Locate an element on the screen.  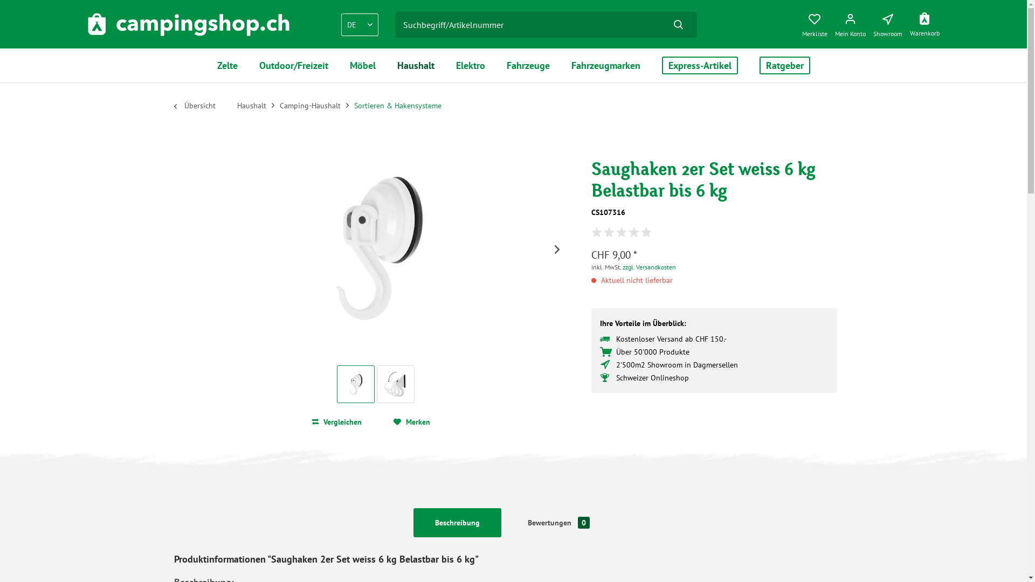
'Mein Konto' is located at coordinates (852, 23).